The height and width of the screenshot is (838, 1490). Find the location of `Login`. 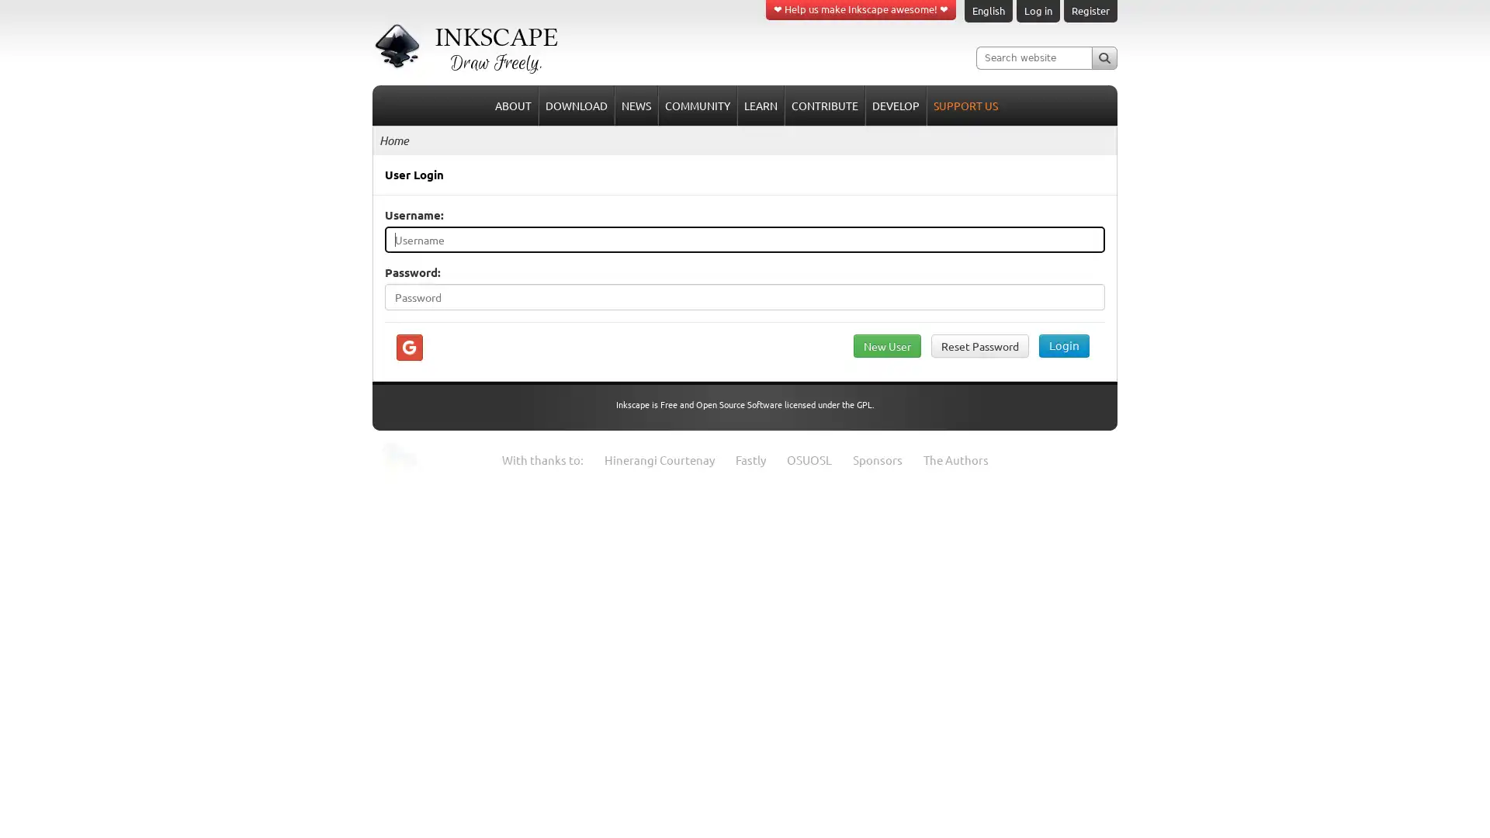

Login is located at coordinates (1063, 344).